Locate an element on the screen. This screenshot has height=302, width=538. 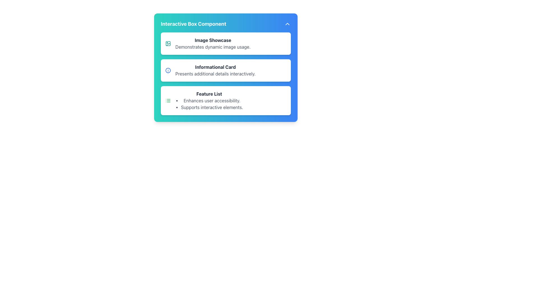
the small icon resembling a list, which has three horizontal green lines on the right and three vertical green dots on the left, located to the left of the text 'Feature List' in the third box of the 'Interactive Box Component' section is located at coordinates (168, 100).